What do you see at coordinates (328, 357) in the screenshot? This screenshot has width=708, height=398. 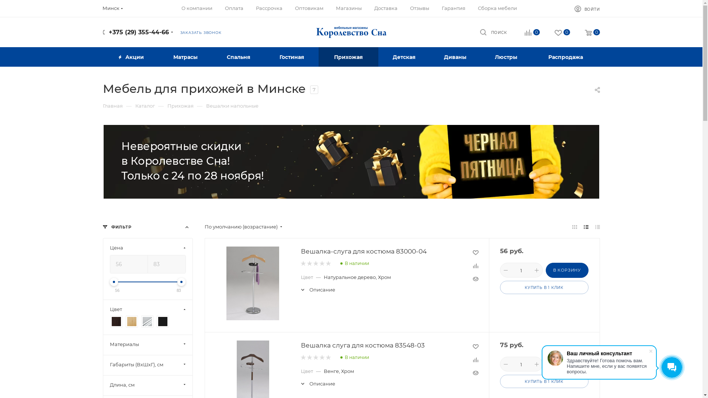 I see `'5'` at bounding box center [328, 357].